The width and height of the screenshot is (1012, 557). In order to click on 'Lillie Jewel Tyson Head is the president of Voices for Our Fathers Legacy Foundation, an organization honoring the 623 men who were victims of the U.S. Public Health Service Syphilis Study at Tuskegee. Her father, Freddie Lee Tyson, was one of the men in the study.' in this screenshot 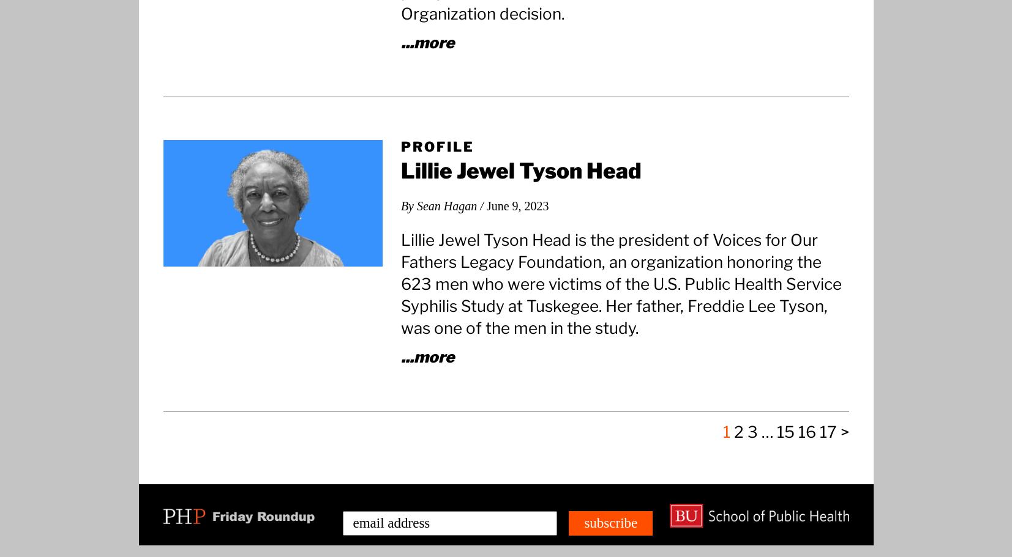, I will do `click(620, 282)`.